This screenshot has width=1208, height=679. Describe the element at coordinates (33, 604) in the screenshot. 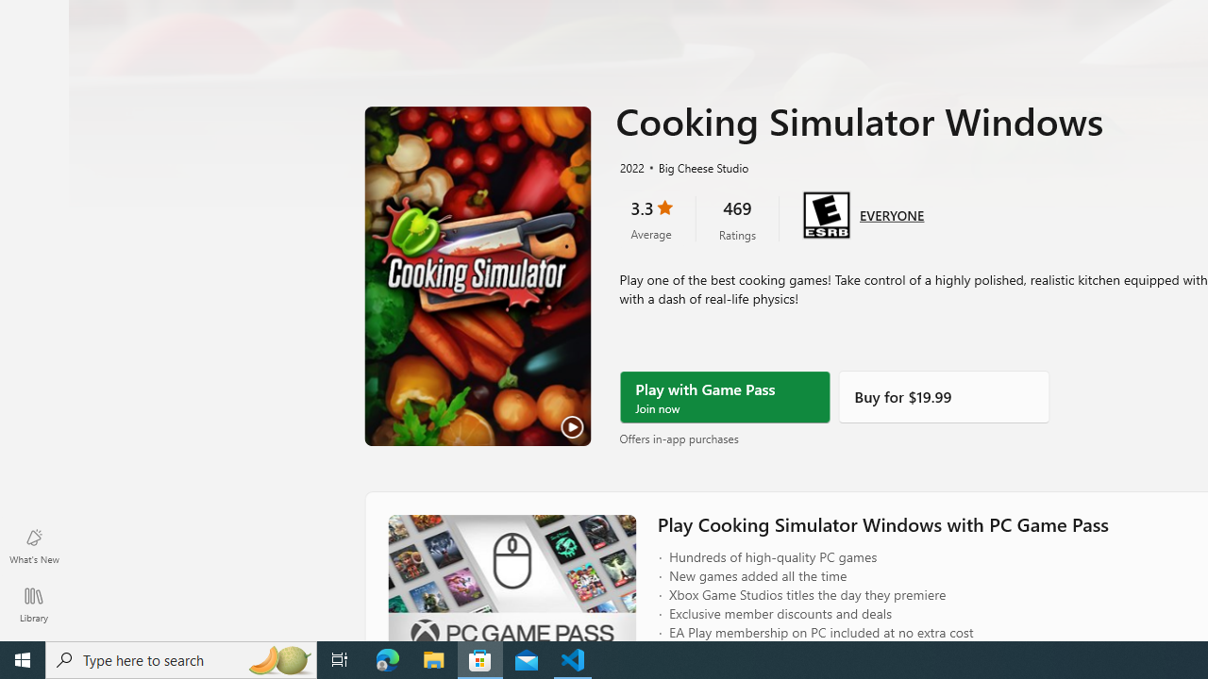

I see `'Library'` at that location.